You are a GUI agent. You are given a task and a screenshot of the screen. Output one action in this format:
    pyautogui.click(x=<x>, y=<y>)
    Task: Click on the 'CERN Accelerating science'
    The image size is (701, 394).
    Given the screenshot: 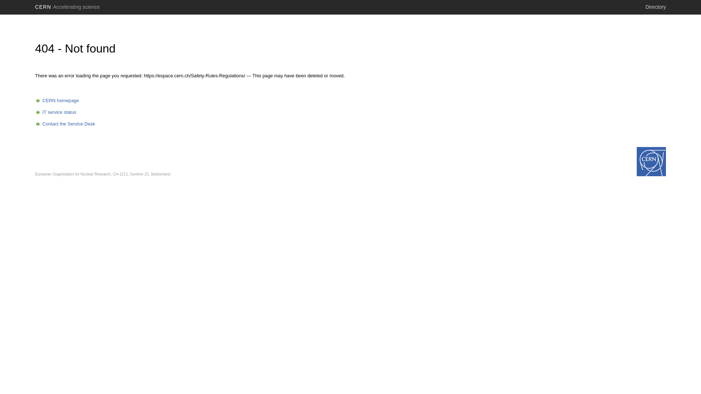 What is the action you would take?
    pyautogui.click(x=68, y=7)
    